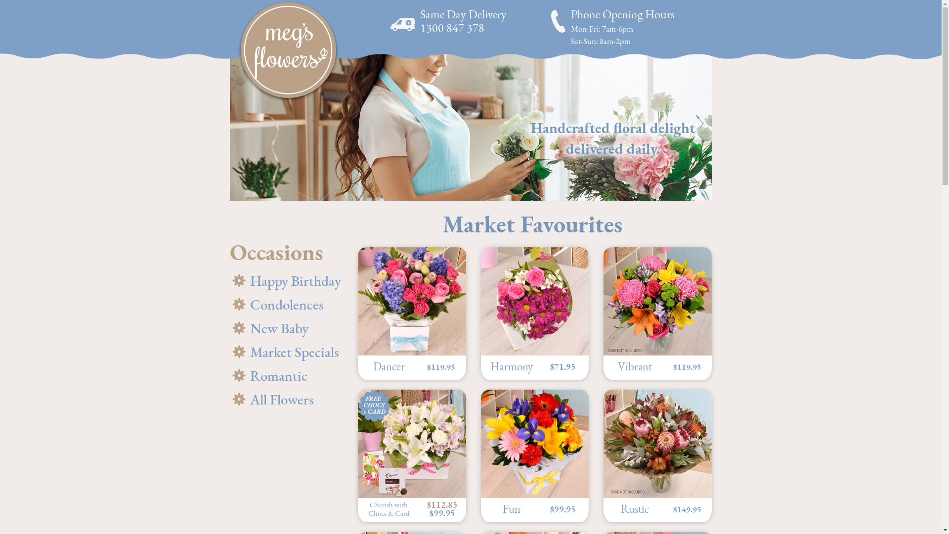  What do you see at coordinates (480, 301) in the screenshot?
I see `'Harmony Flowers'` at bounding box center [480, 301].